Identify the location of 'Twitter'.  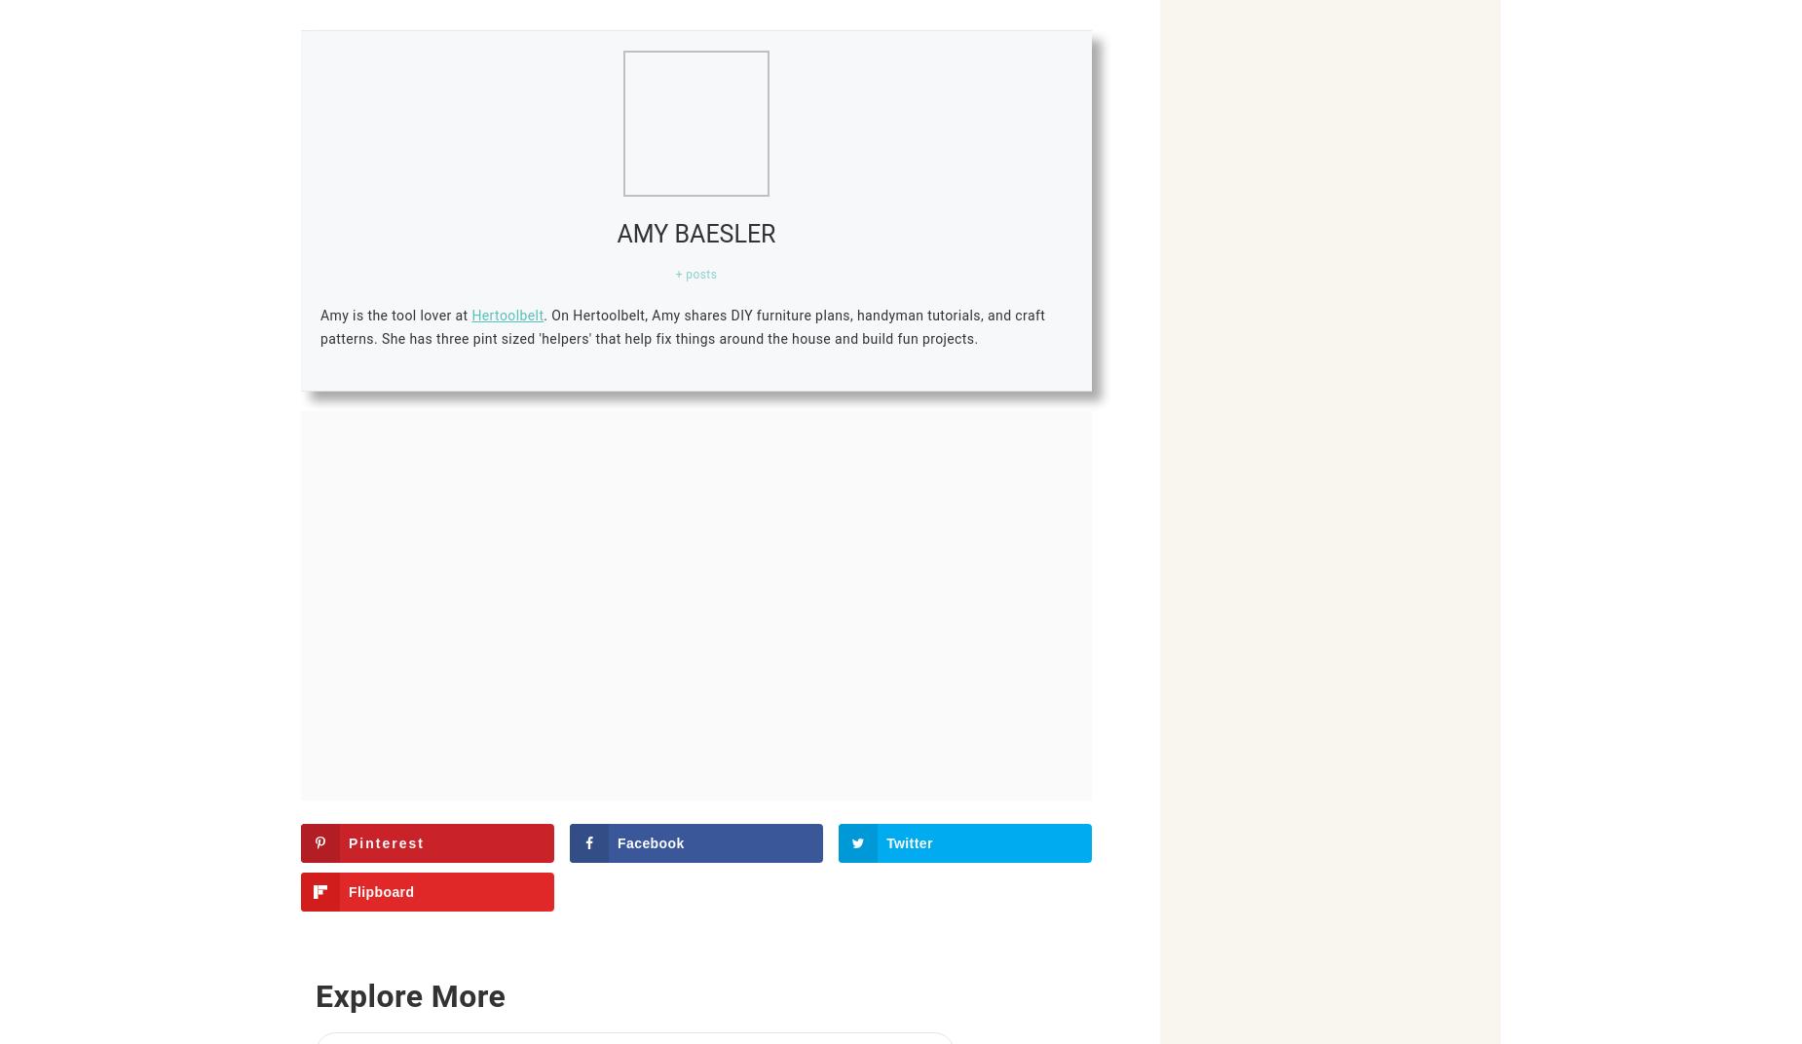
(886, 841).